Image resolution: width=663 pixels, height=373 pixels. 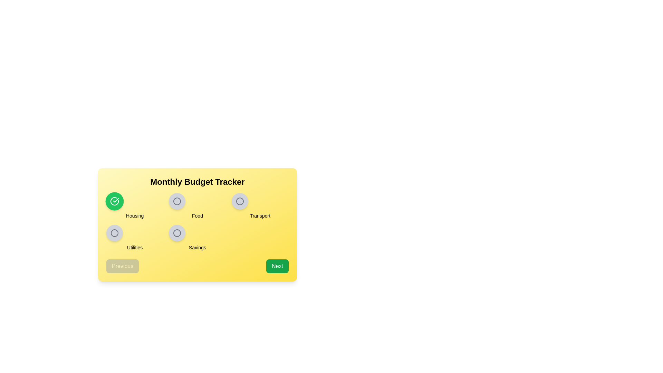 What do you see at coordinates (177, 201) in the screenshot?
I see `the radio button in the second row of the grid under 'Monthly Budget Tracker'` at bounding box center [177, 201].